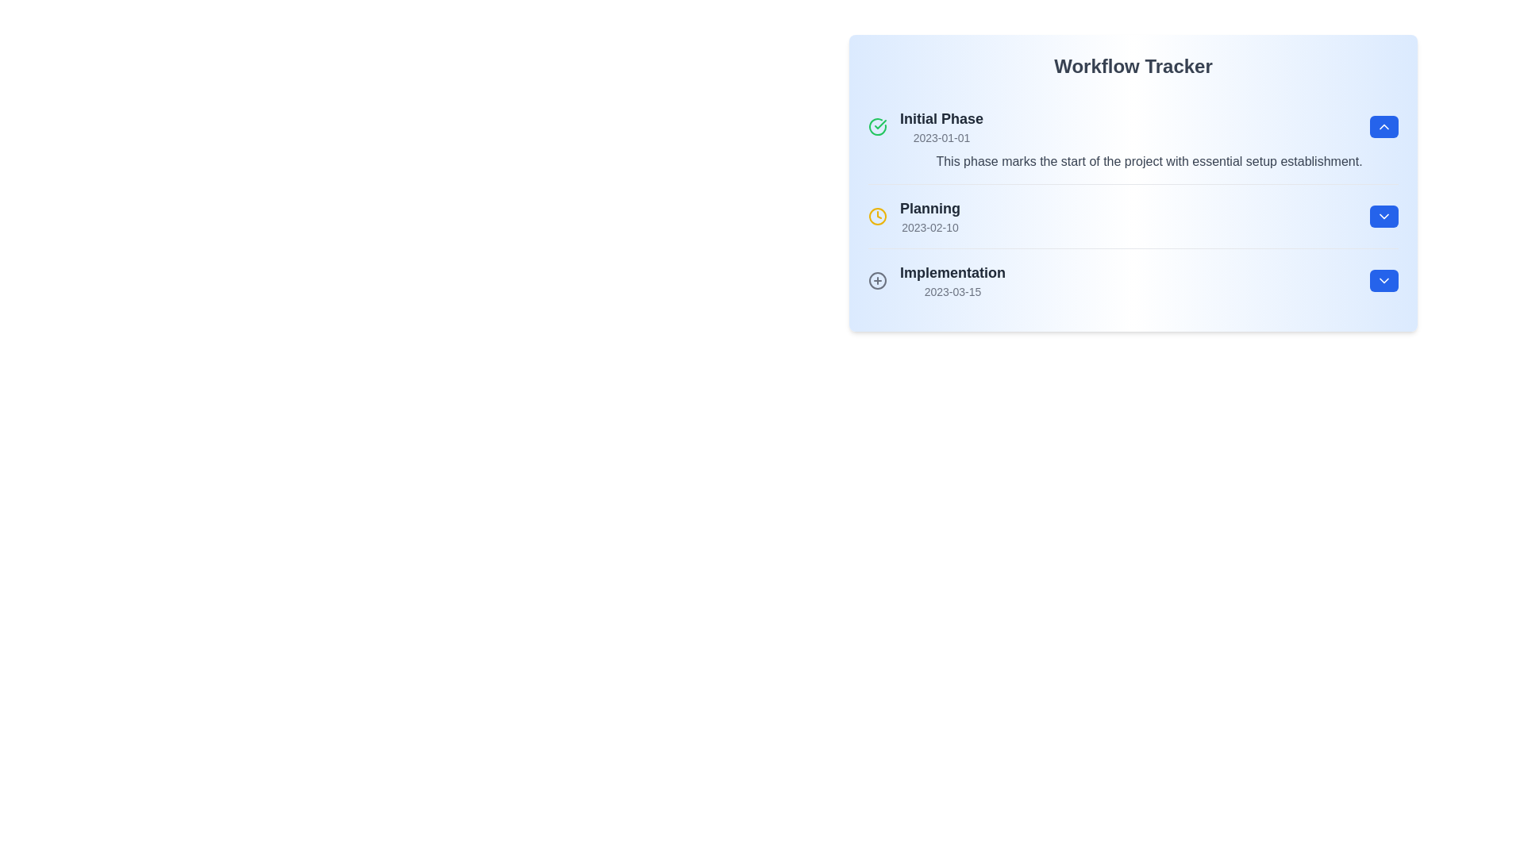  I want to click on the expand/collapse icon located inside the button next to the 'Planning' label in the 'Workflow Tracker' section, so click(1383, 217).